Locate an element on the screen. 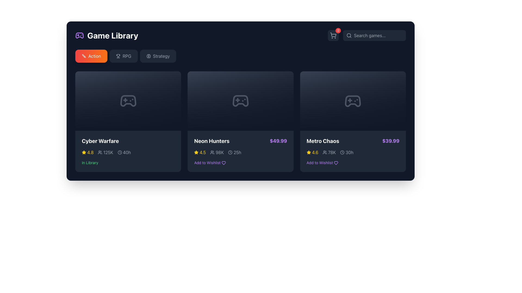 Image resolution: width=522 pixels, height=293 pixels. the shopping cart icon, which is a modern line-art design with gray lines on a black background, located at the top-right corner of the interface next to the search bar is located at coordinates (333, 36).